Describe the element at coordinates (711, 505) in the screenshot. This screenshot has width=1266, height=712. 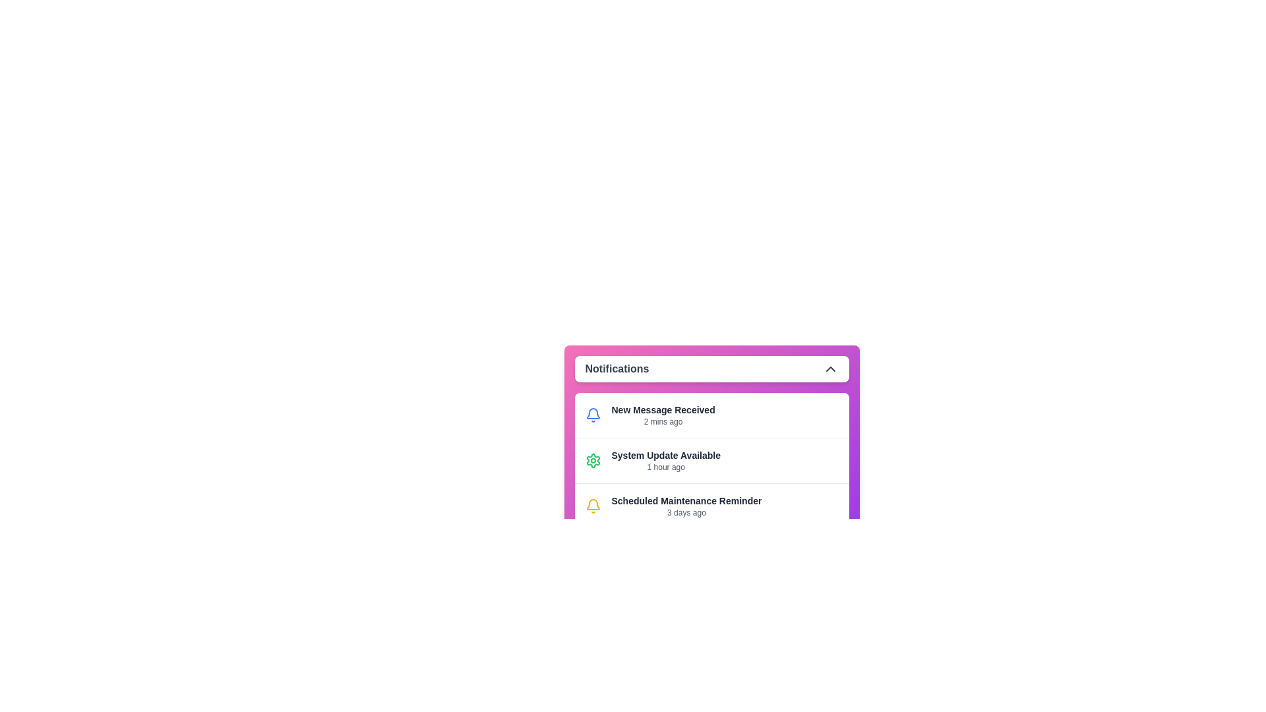
I see `the notification item labeled 'Scheduled Maintenance Reminder' which is the third item in the notifications list, featuring a yellow bell icon and two lines of text` at that location.